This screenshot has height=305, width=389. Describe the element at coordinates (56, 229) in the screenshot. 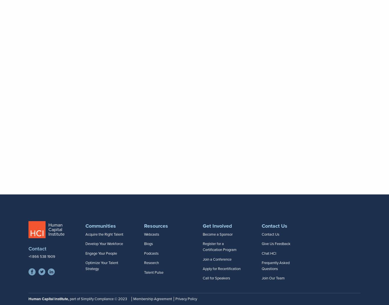

I see `'Human Capital Institute'` at that location.